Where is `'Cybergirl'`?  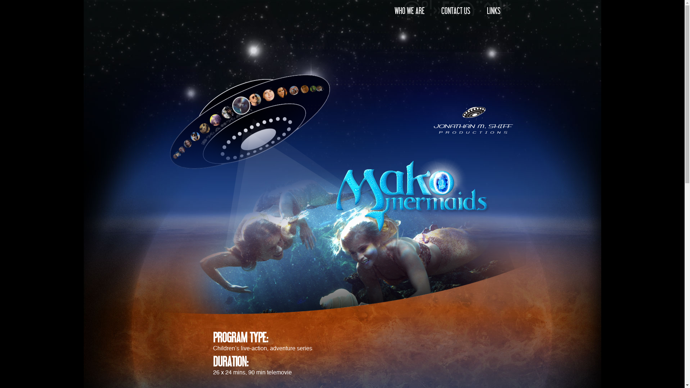
'Cybergirl' is located at coordinates (176, 155).